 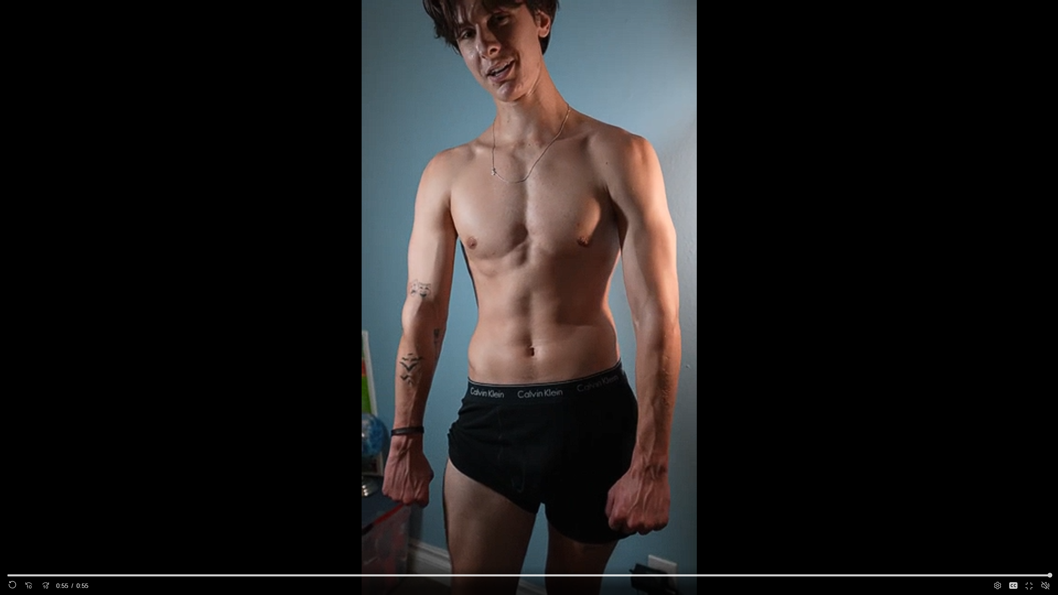 What do you see at coordinates (1029, 585) in the screenshot?
I see `'Non-Fullscreen'` at bounding box center [1029, 585].